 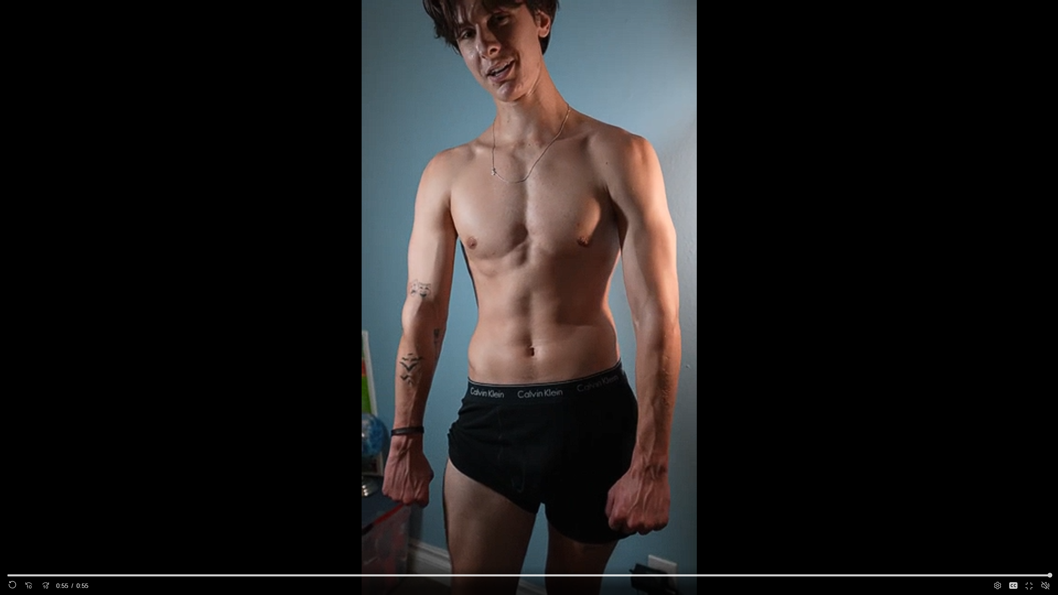 What do you see at coordinates (1029, 585) in the screenshot?
I see `'Non-Fullscreen'` at bounding box center [1029, 585].